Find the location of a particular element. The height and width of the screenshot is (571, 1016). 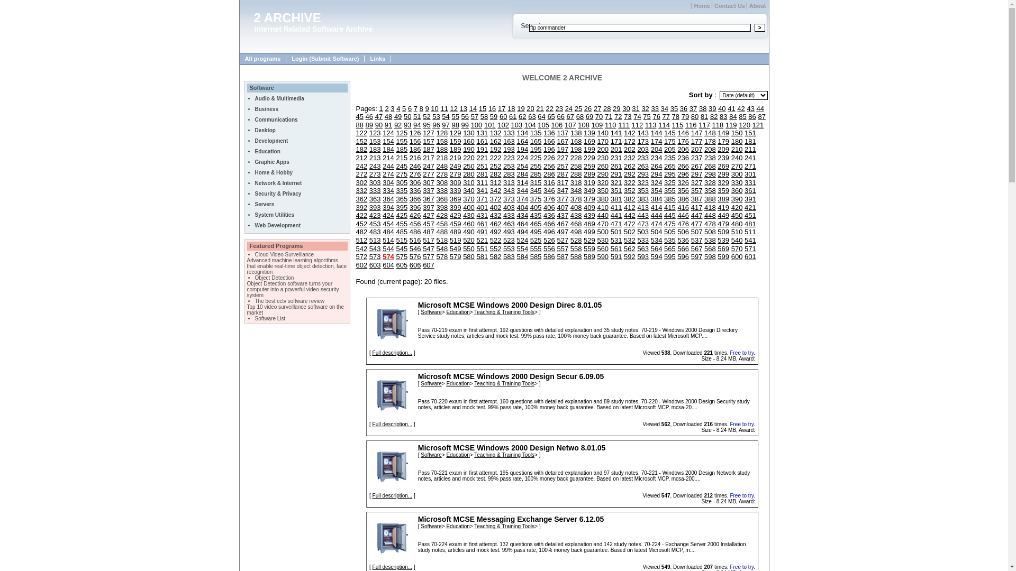

'564' is located at coordinates (650, 248).